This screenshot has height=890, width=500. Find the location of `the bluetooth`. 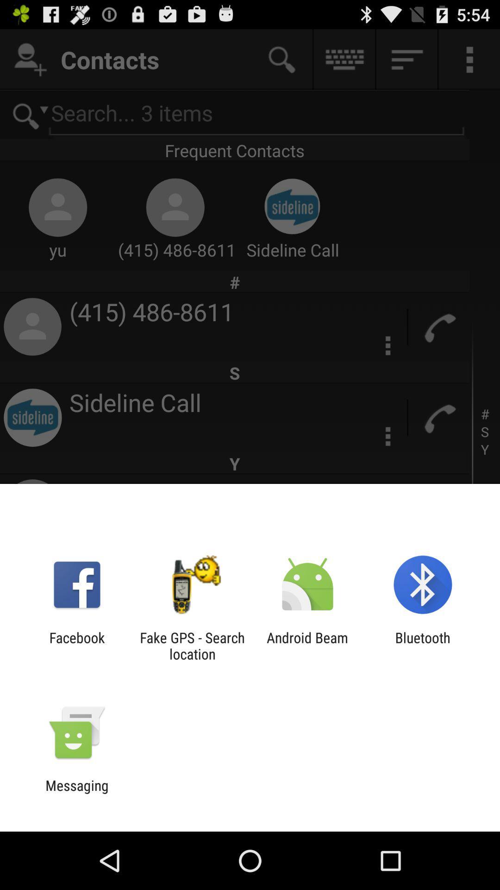

the bluetooth is located at coordinates (423, 645).